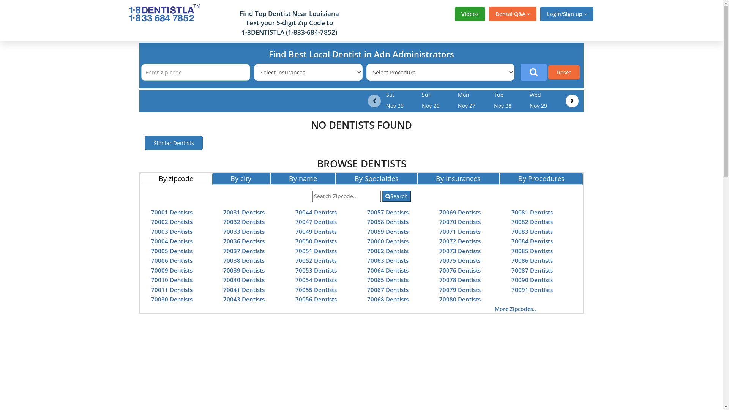 This screenshot has height=410, width=729. What do you see at coordinates (388, 231) in the screenshot?
I see `'70059 Dentists'` at bounding box center [388, 231].